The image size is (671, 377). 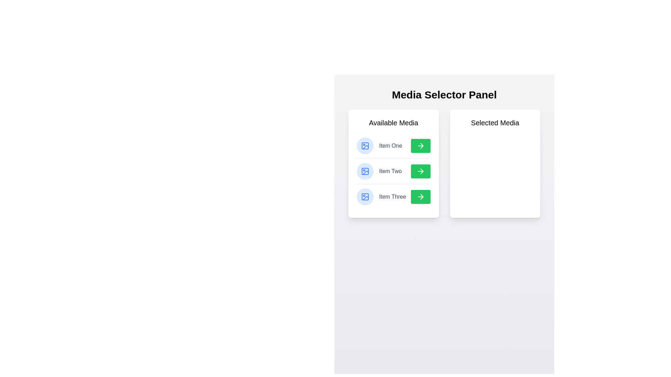 I want to click on the second list item, so click(x=379, y=171).